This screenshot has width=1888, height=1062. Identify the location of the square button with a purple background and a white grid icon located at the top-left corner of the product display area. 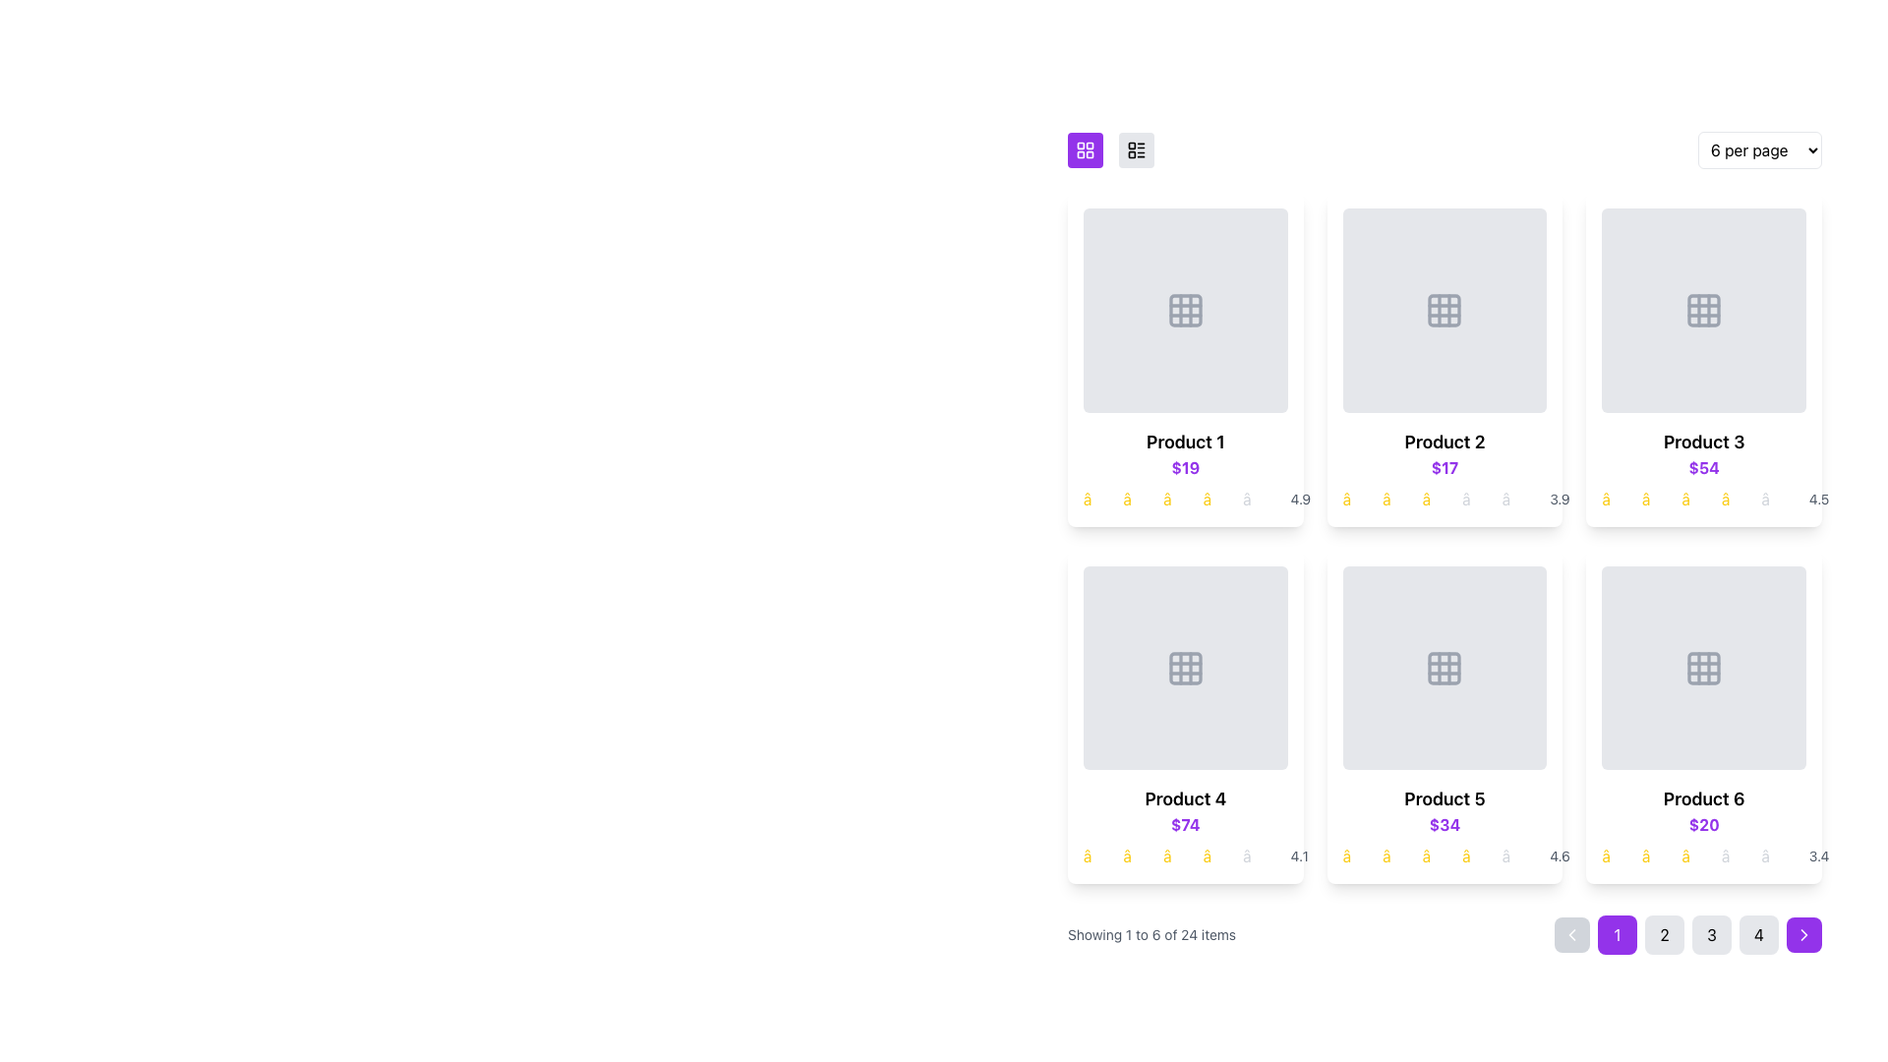
(1085, 149).